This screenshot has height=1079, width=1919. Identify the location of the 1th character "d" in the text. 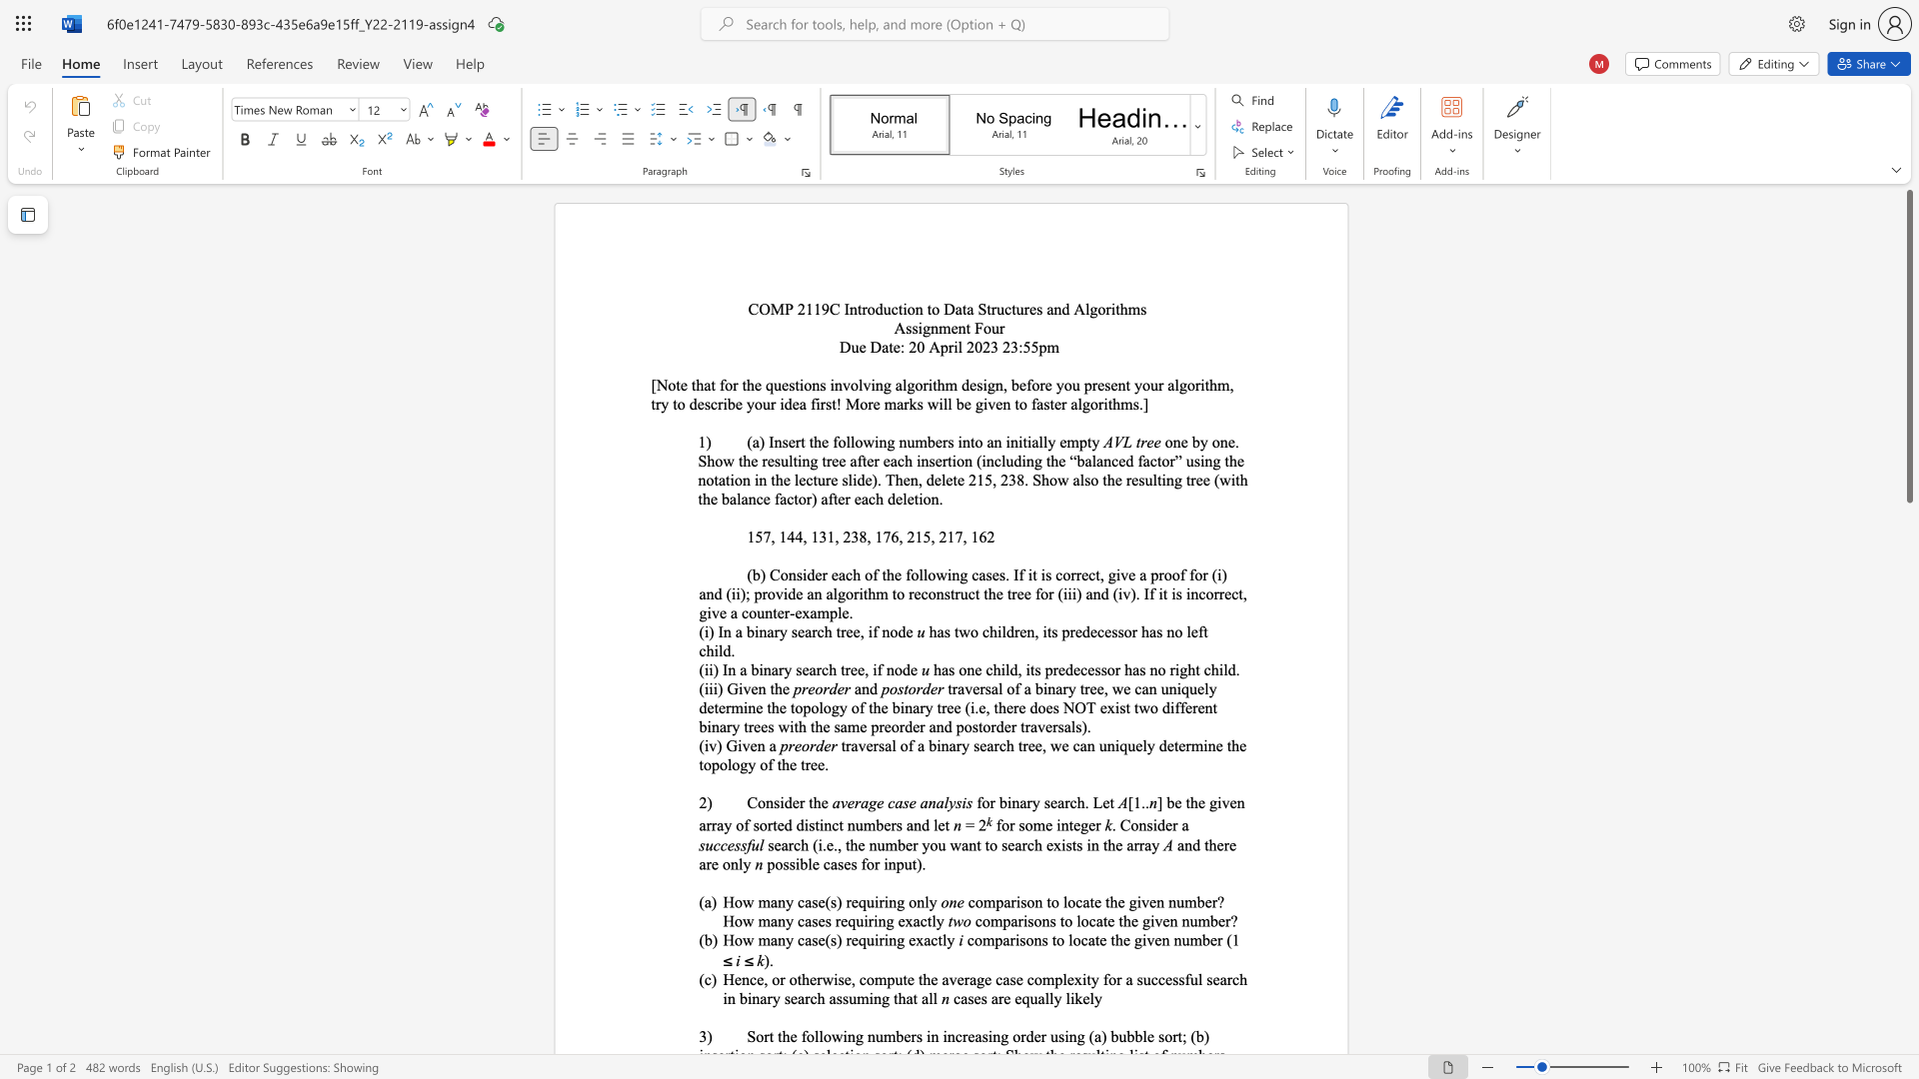
(906, 669).